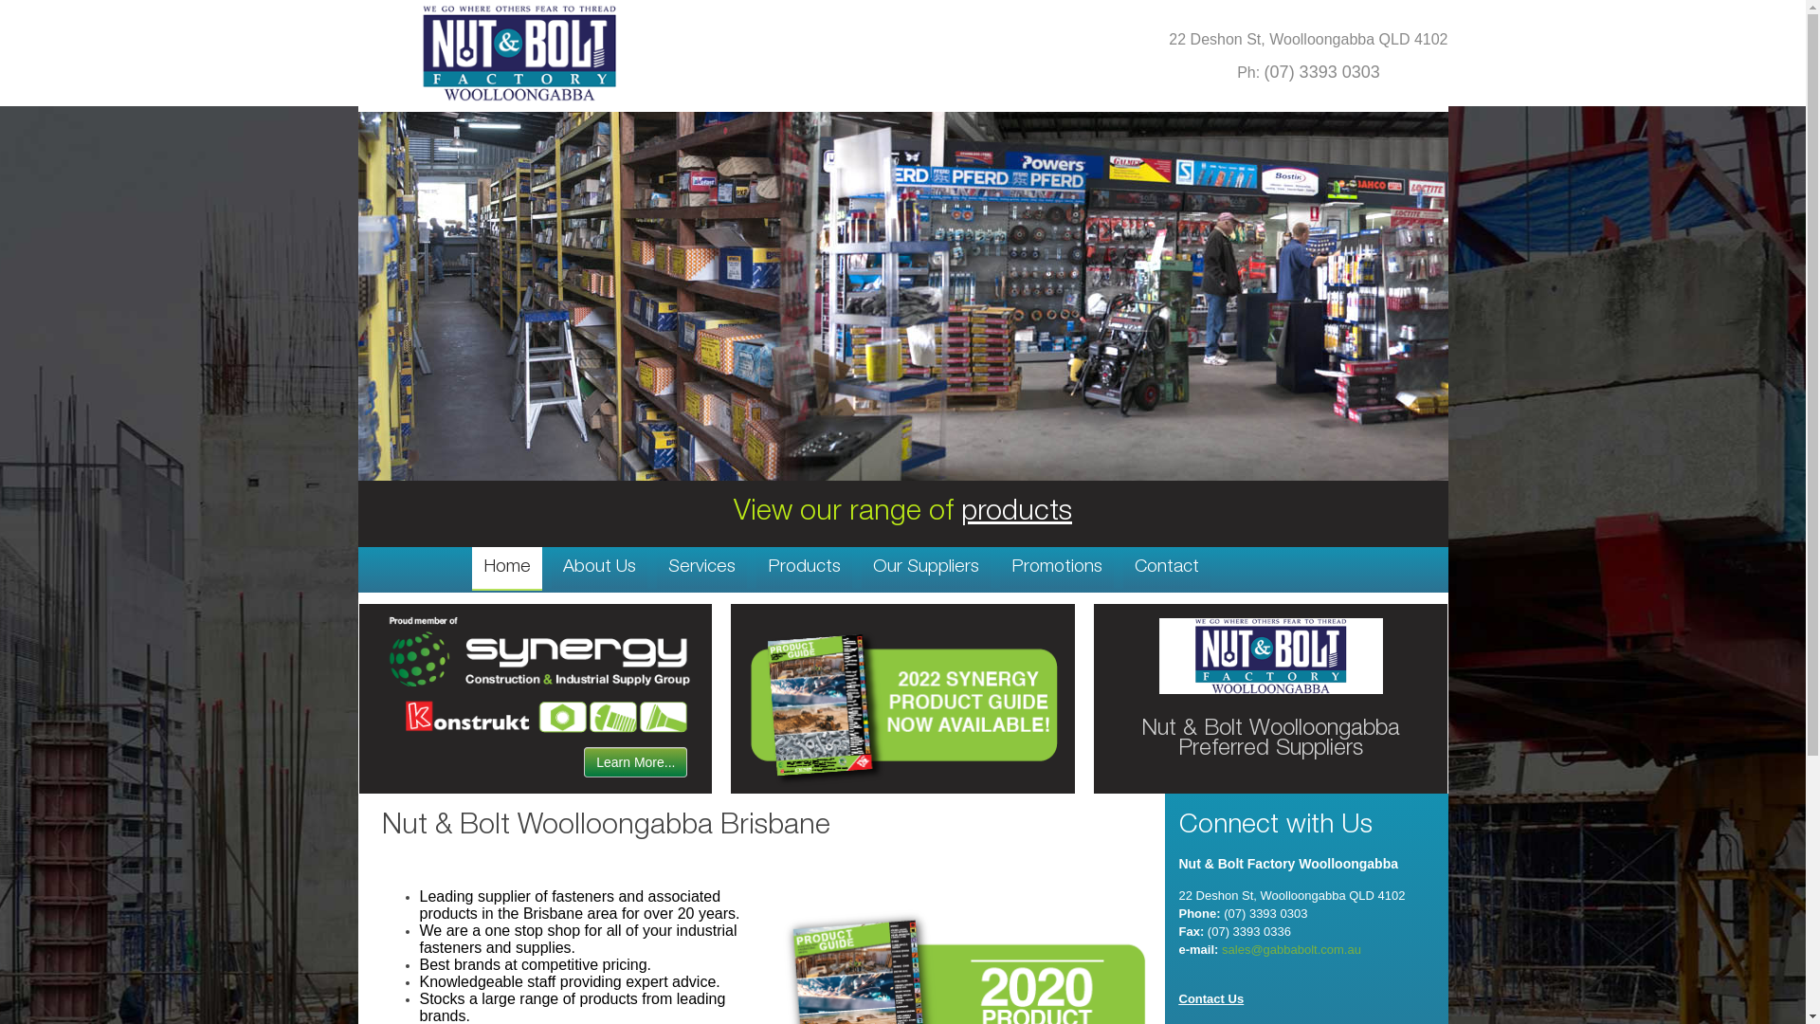  Describe the element at coordinates (924, 566) in the screenshot. I see `'Our Suppliers'` at that location.